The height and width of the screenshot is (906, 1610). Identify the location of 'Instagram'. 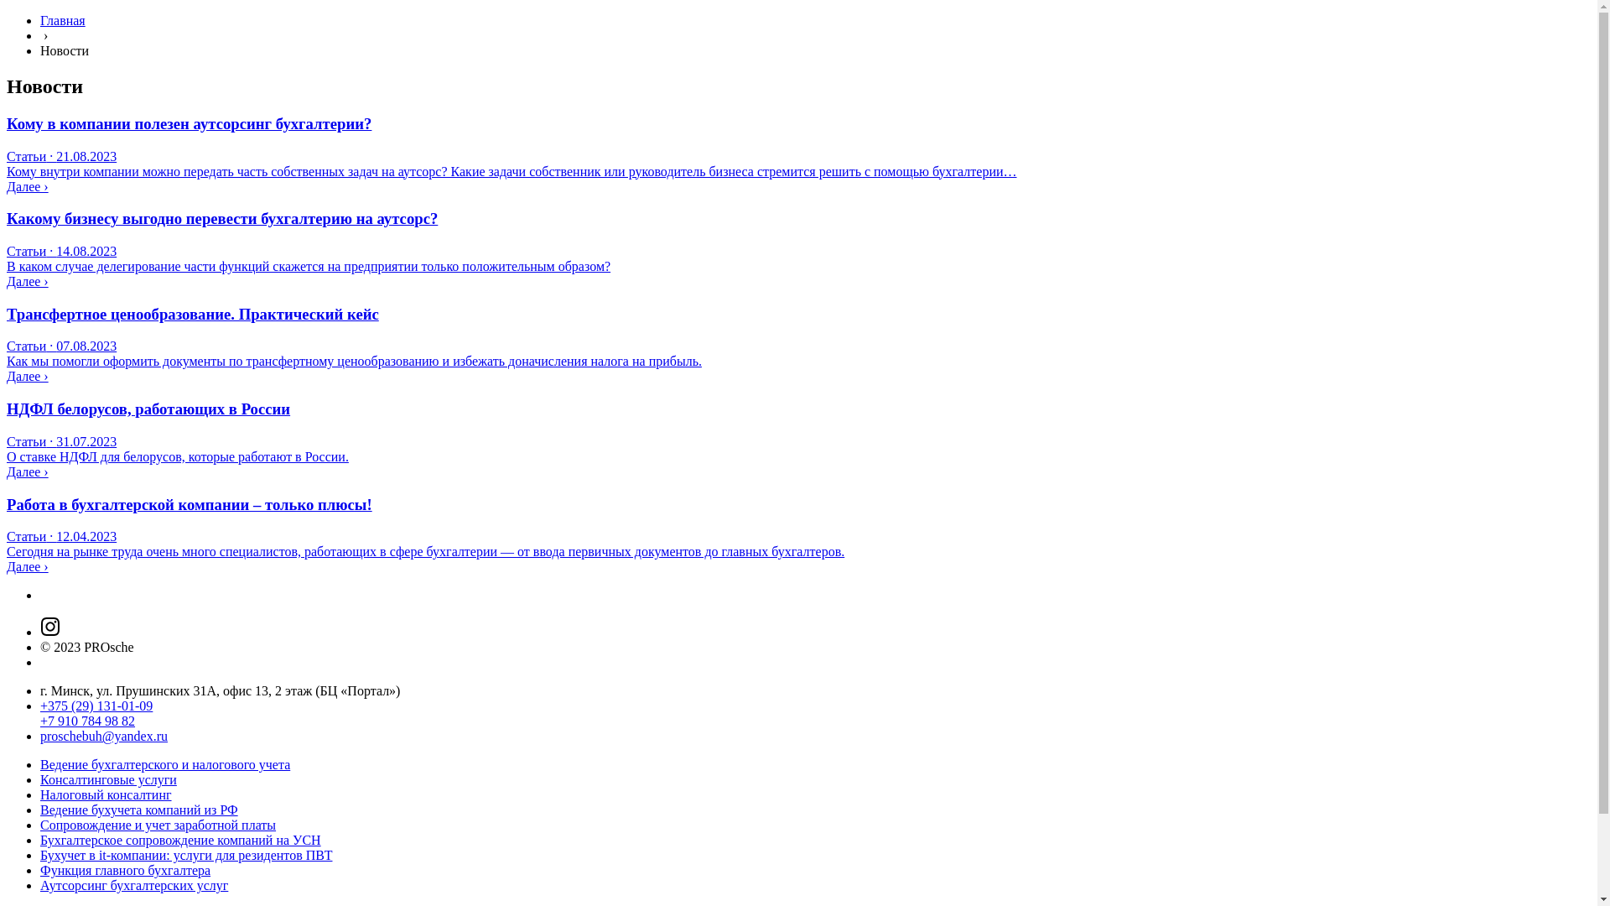
(49, 632).